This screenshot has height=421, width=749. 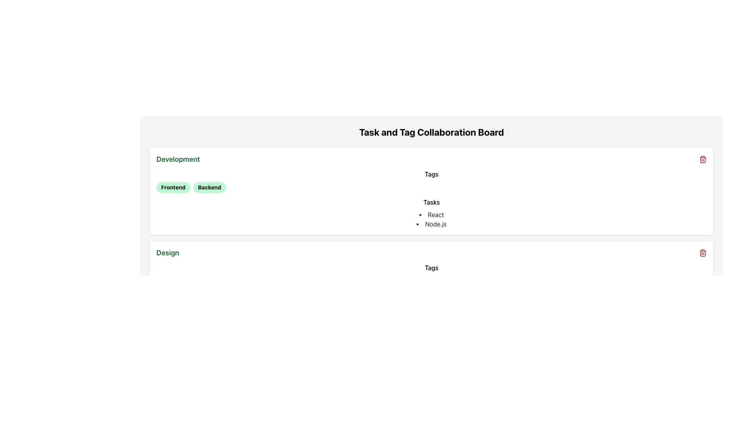 I want to click on the Text Label that serves as the title for the board, located at the top of the content panel above the 'Development' and 'Design' sections, so click(x=431, y=132).